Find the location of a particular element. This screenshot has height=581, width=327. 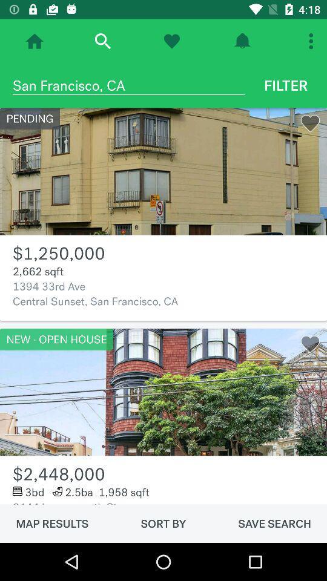

the icon below the 2444 leavenworth st item is located at coordinates (51, 523).